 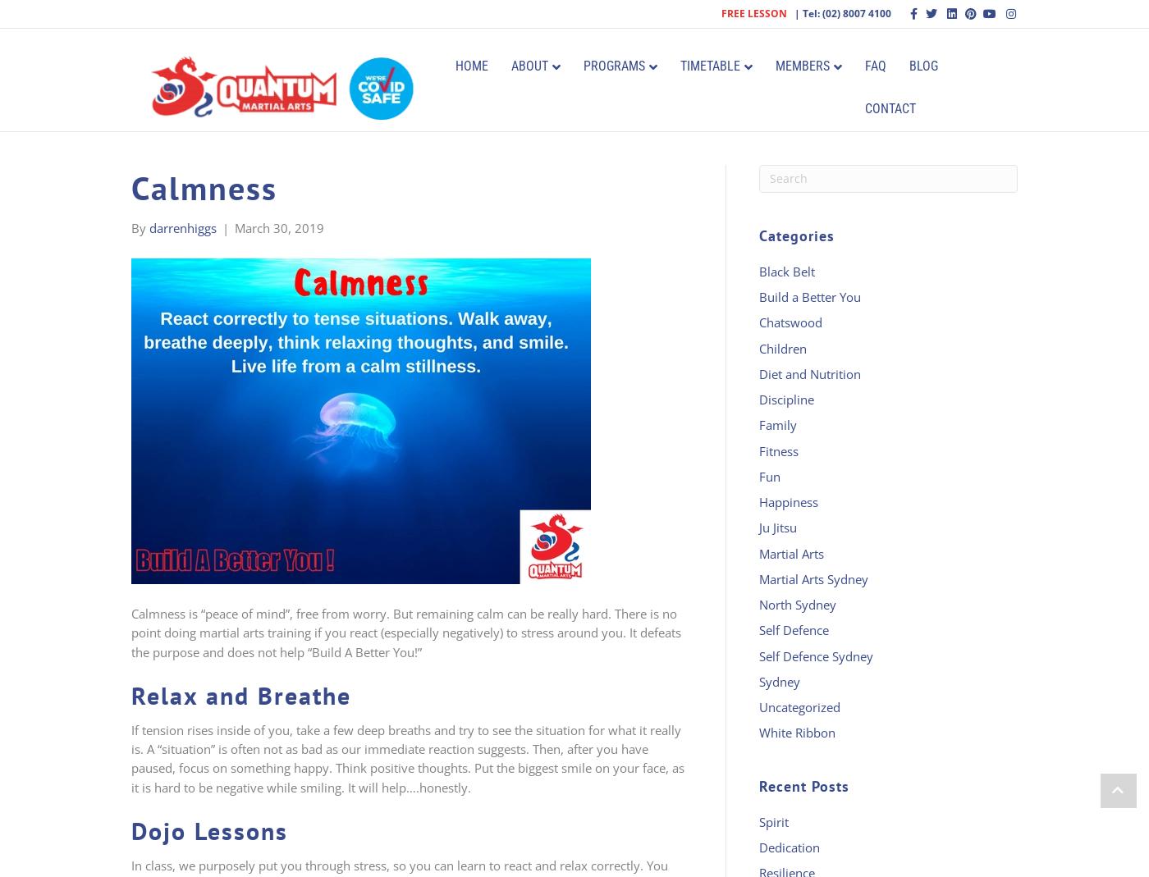 What do you see at coordinates (406, 632) in the screenshot?
I see `'Calmness is “peace of mind”, free from worry. But remaining calm can be really hard. There is no point doing martial arts training if you react (especially negatively) to stress around you. It defeats the purpose and does not help “Build A Better You!”'` at bounding box center [406, 632].